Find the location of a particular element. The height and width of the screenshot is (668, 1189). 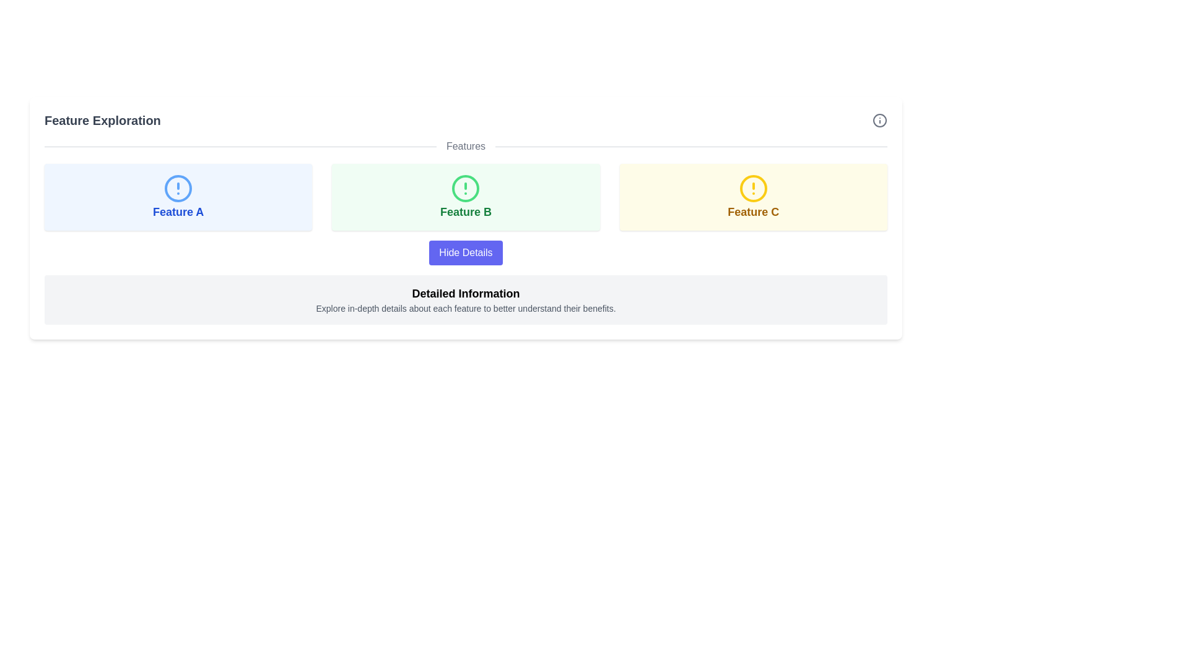

the text label with decorative separators, which serves as a header for the section above the feature cards is located at coordinates (465, 145).